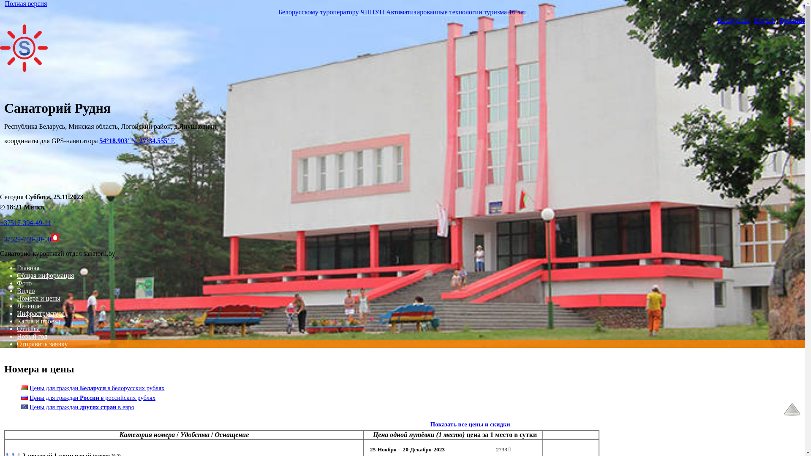  I want to click on '+37517-394-49-11', so click(25, 222).